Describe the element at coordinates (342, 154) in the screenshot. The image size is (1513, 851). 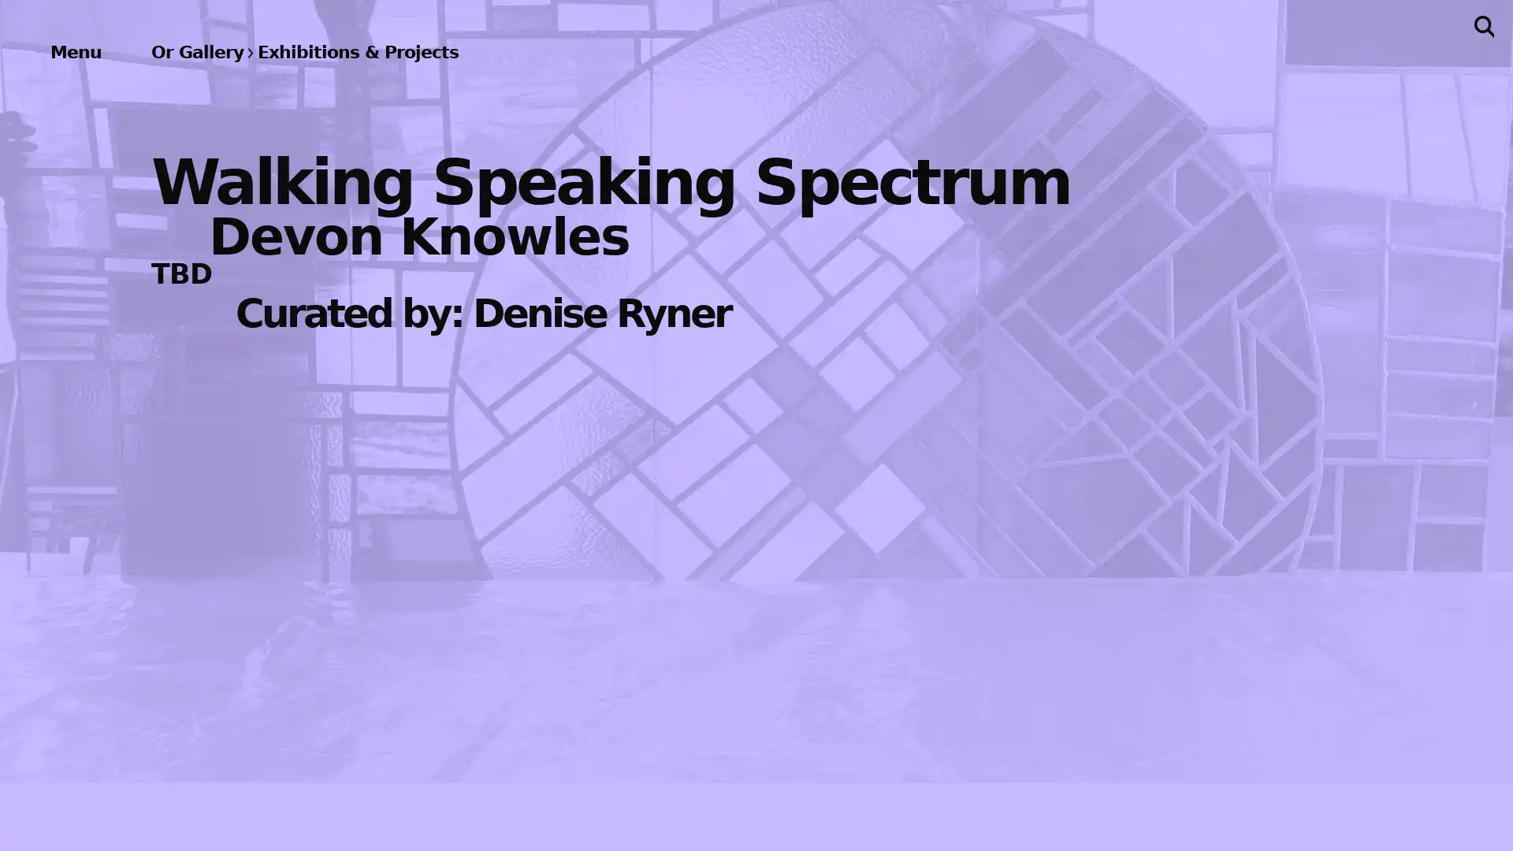
I see `Exhibitions & Projects` at that location.